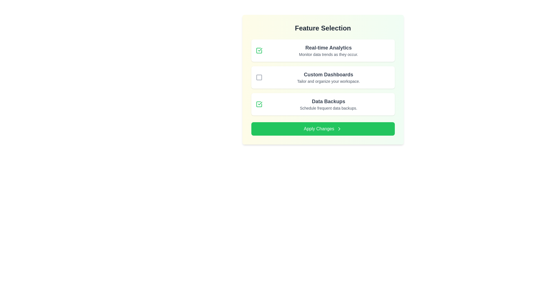  Describe the element at coordinates (328, 74) in the screenshot. I see `the Text label that serves as a header for the middle option in the feature selection interface, located between 'Real-time Analytics' and 'Tailor and organize your workspace.'` at that location.